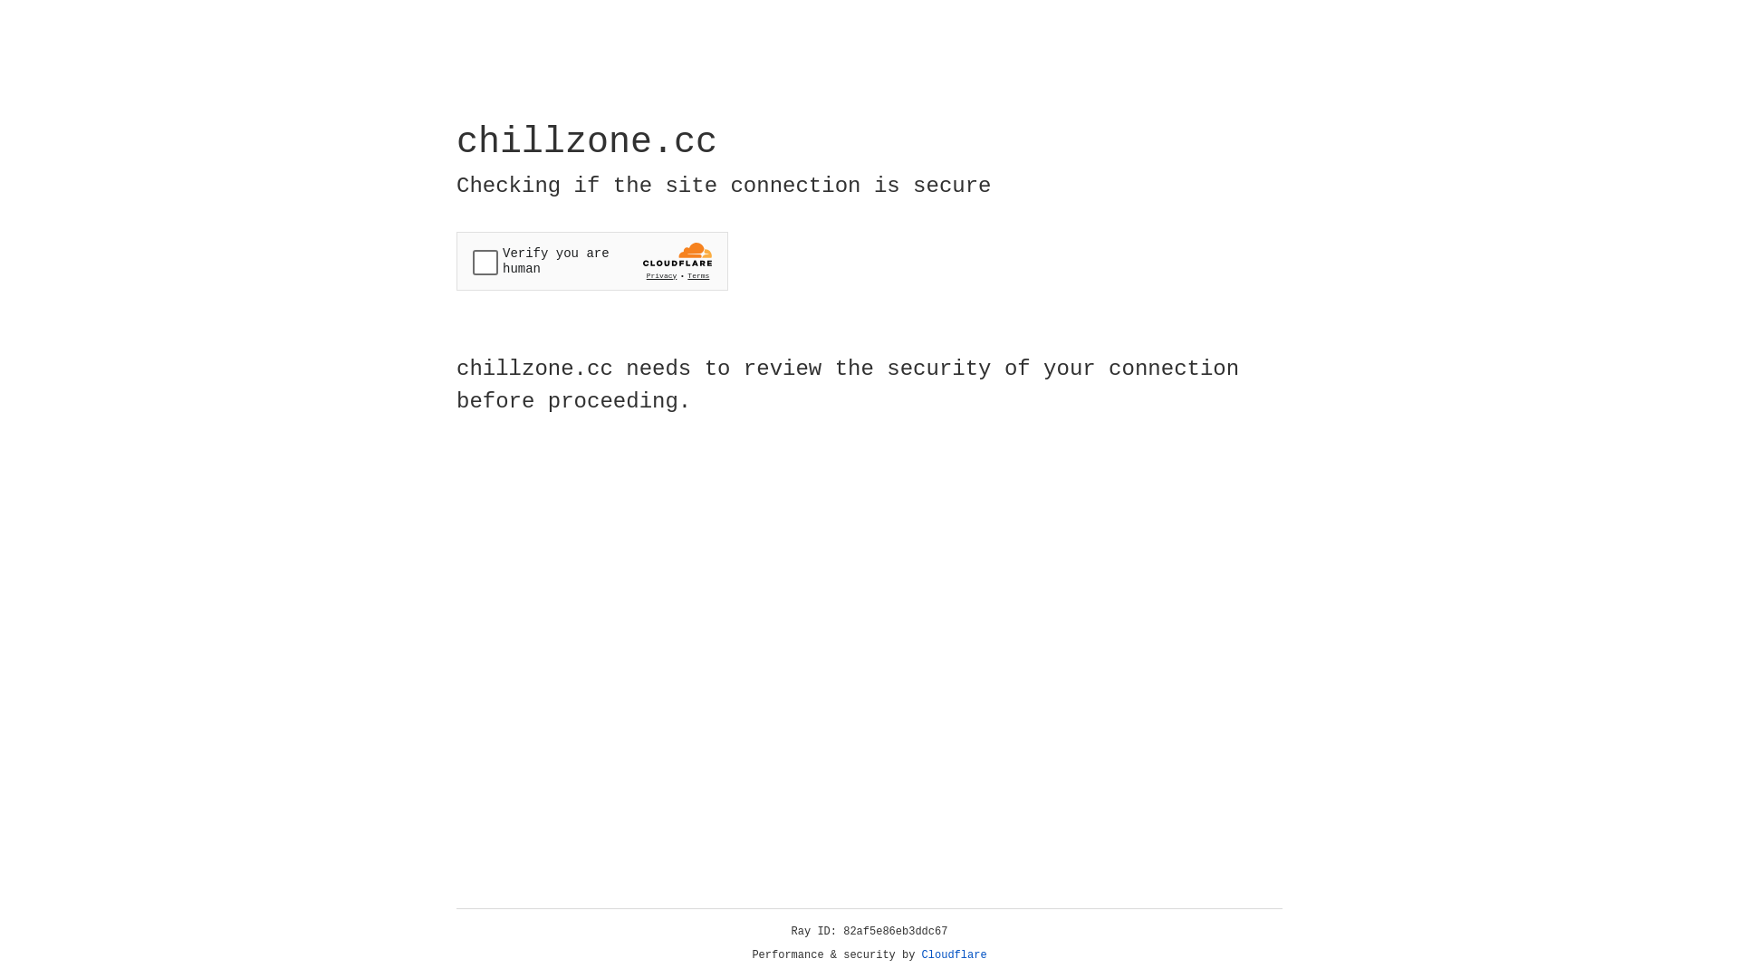 The height and width of the screenshot is (978, 1739). Describe the element at coordinates (954, 954) in the screenshot. I see `'Cloudflare'` at that location.